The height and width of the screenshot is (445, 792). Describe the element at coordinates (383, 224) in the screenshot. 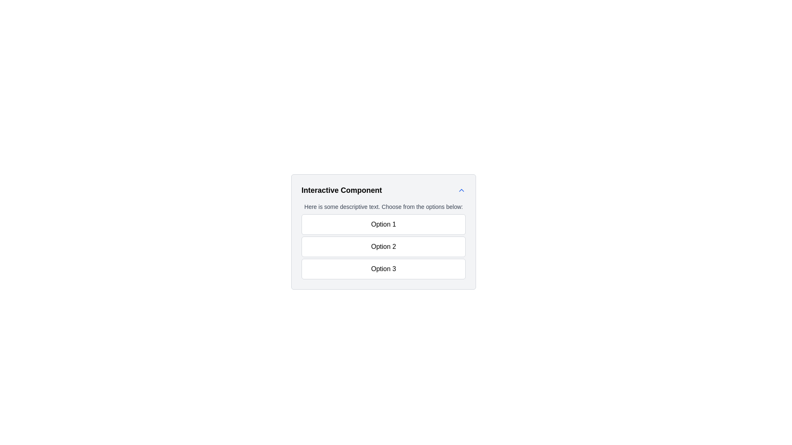

I see `the button labeled 'Option 1', which is the first button in a vertical stack of three buttons, to trigger a hover state` at that location.